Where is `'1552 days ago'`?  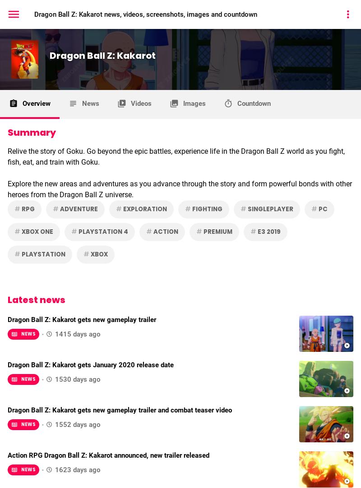
'1552 days ago' is located at coordinates (77, 425).